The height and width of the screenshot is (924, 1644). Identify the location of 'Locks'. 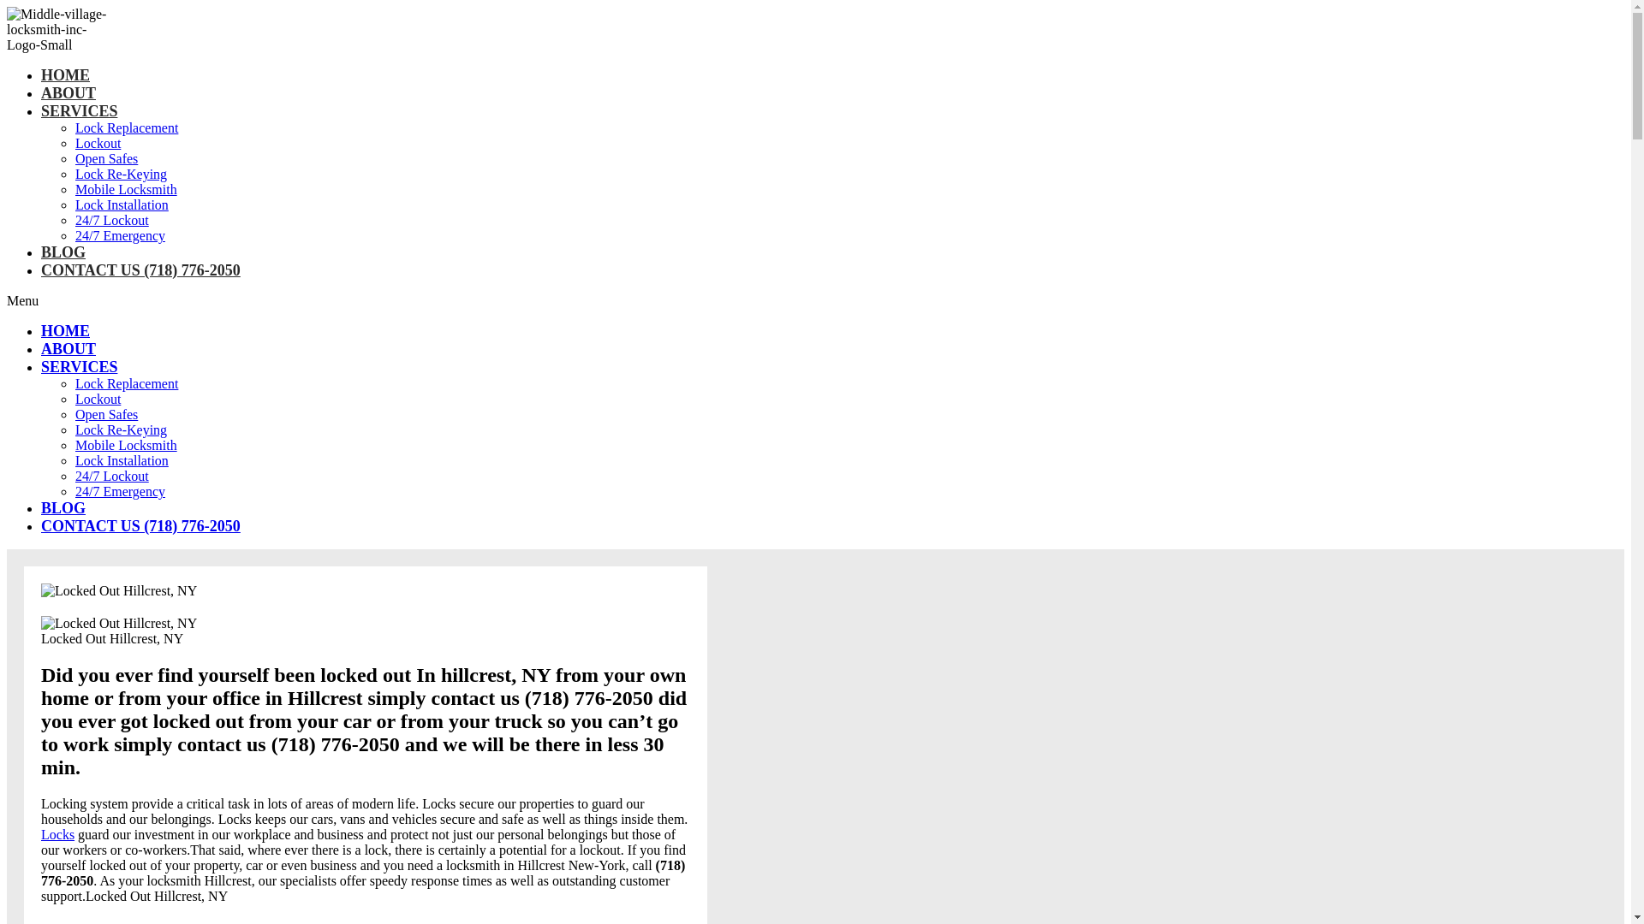
(57, 833).